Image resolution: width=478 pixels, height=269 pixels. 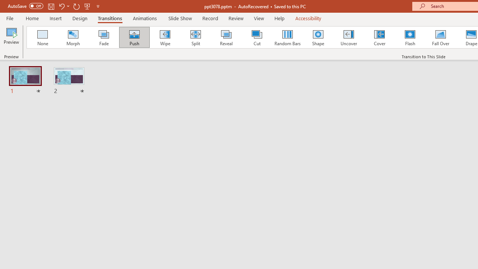 What do you see at coordinates (73, 37) in the screenshot?
I see `'Morph'` at bounding box center [73, 37].